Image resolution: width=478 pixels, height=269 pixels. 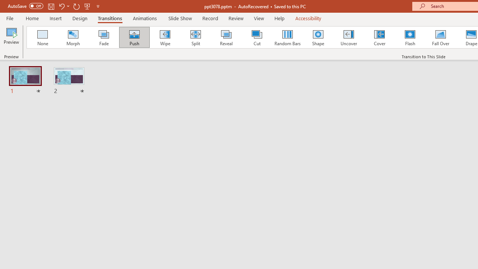 What do you see at coordinates (73, 37) in the screenshot?
I see `'Morph'` at bounding box center [73, 37].